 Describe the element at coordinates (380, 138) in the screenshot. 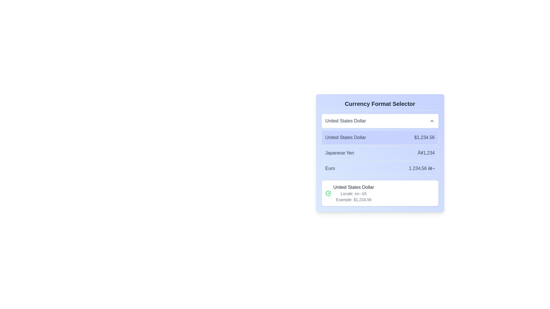

I see `the first selectable option in the currency format selector list, labeled 'United States Dollar'` at that location.